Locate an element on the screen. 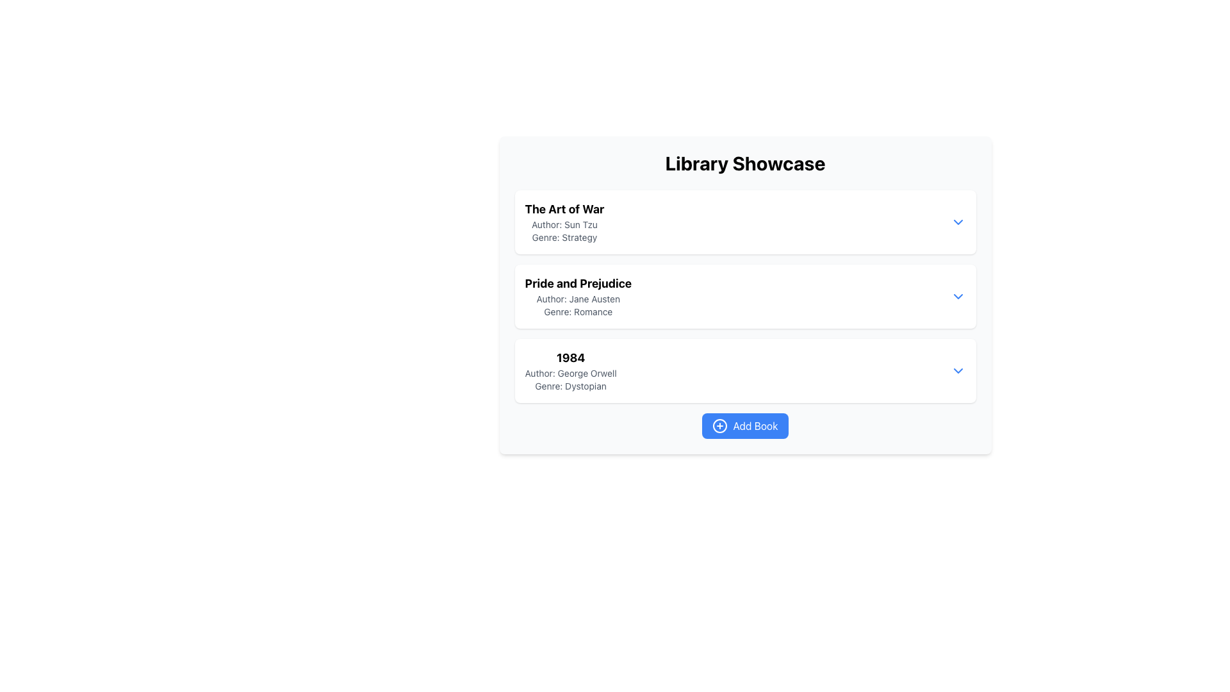  the List item with embedded dropdown titled 'The Art of War' is located at coordinates (745, 222).